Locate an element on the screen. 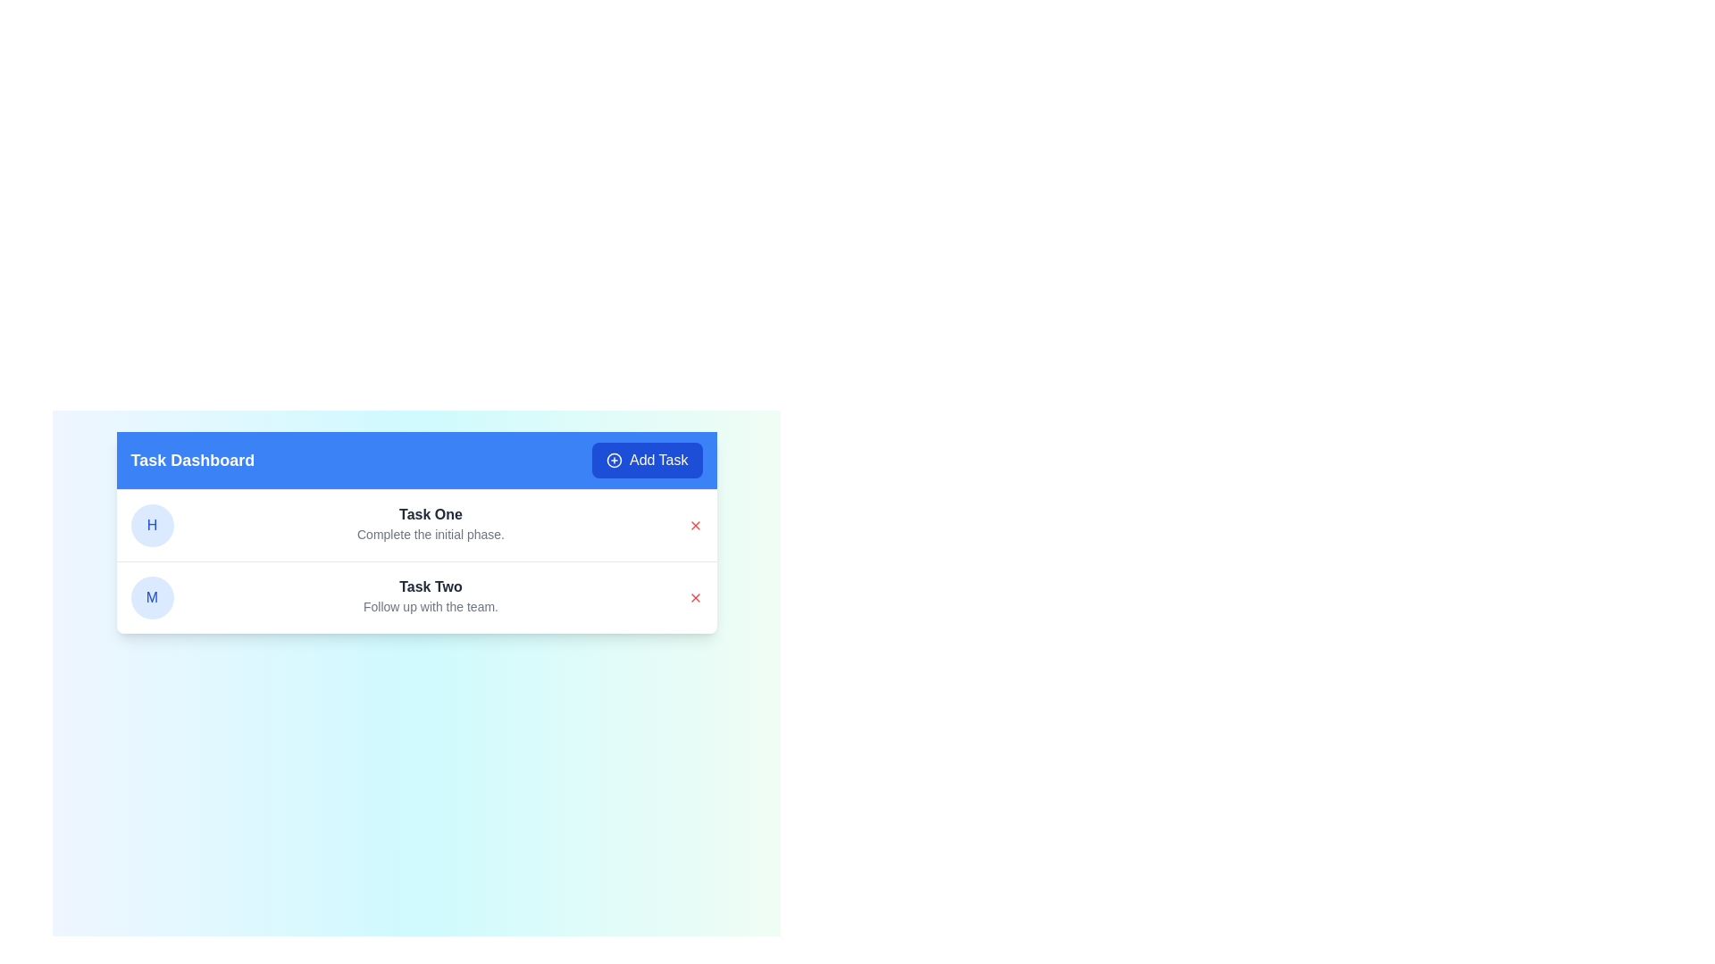  the first task item in the task management interface located below the 'Task Dashboard' header and above 'Task Two' is located at coordinates (415, 525).